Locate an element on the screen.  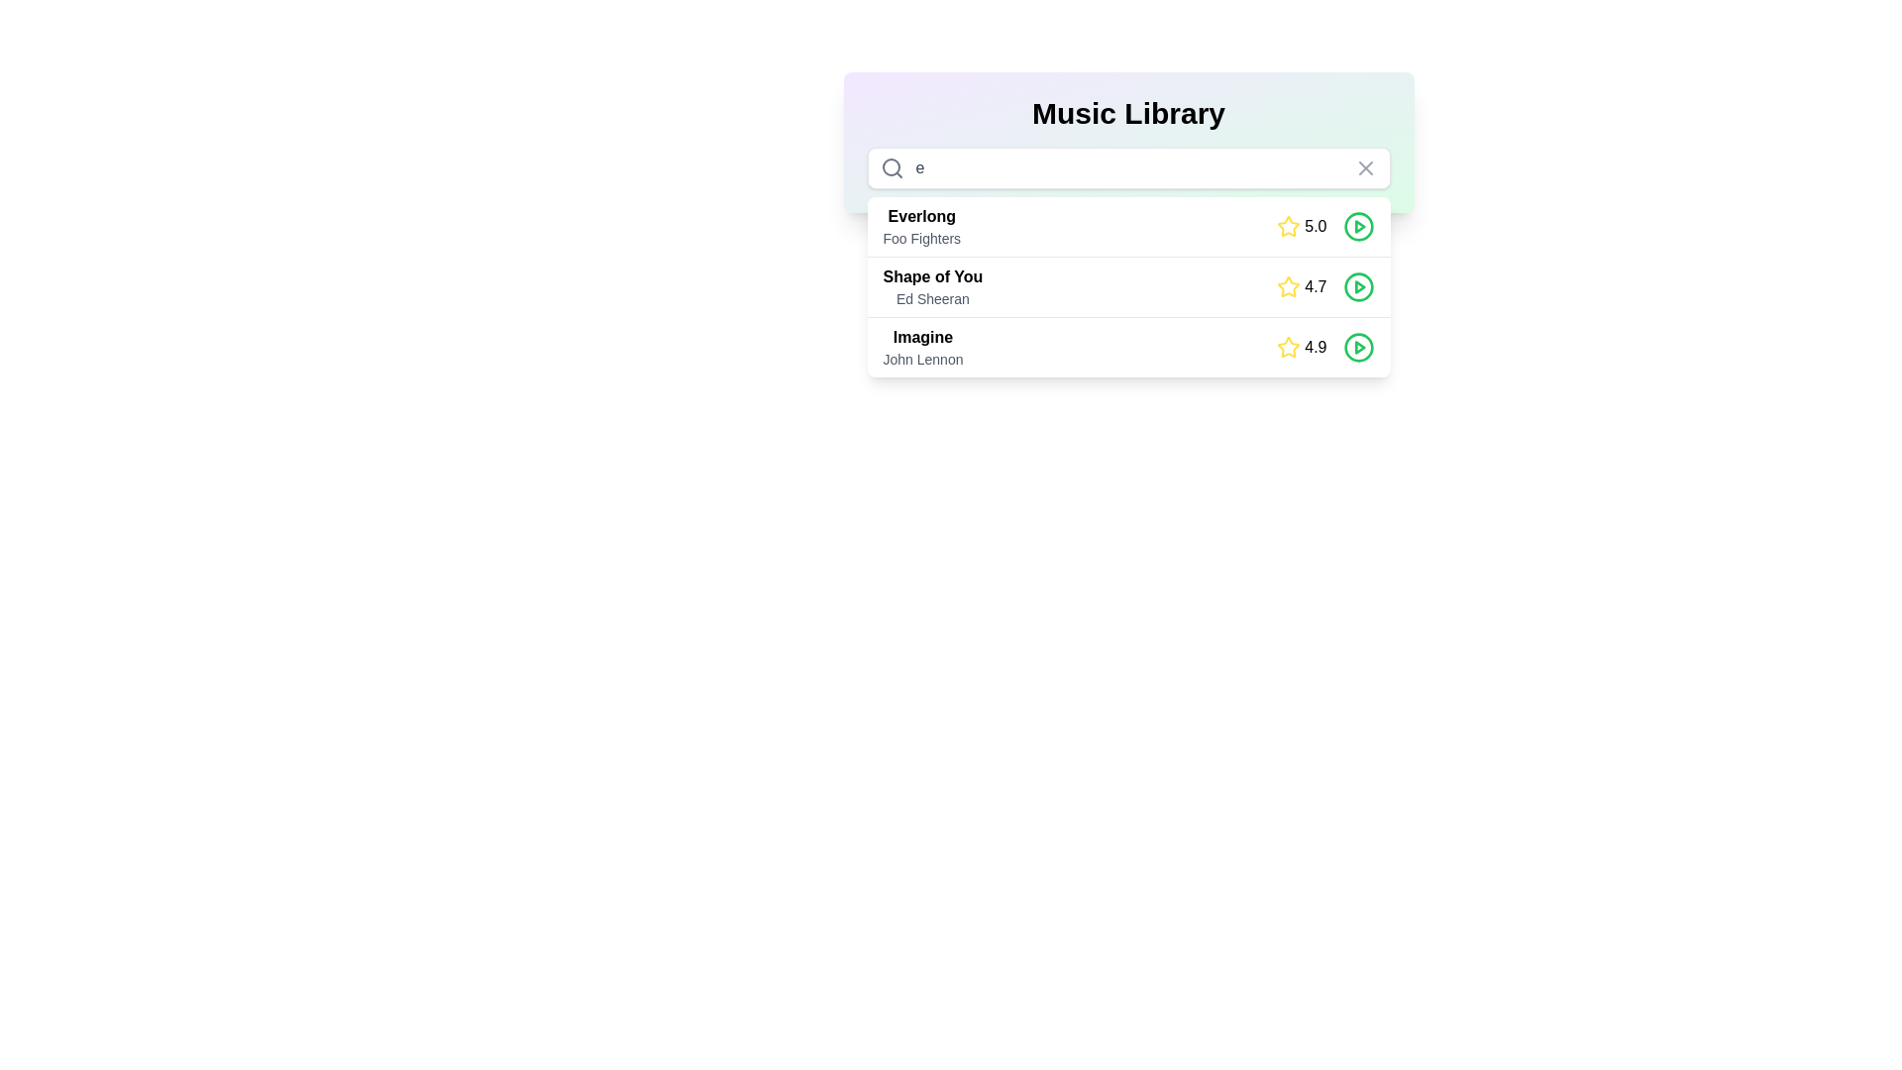
the star icon with a yellow border located to the right of 'Everlong - Foo Fighters' is located at coordinates (1289, 225).